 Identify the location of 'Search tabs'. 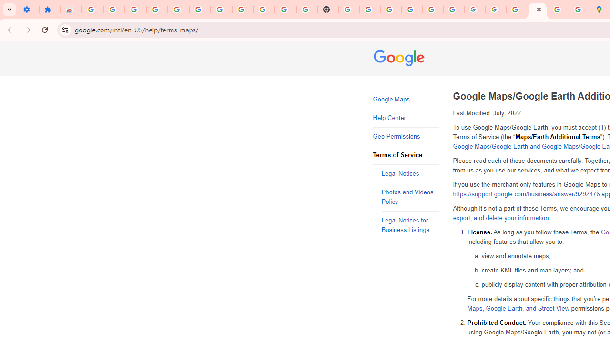
(10, 10).